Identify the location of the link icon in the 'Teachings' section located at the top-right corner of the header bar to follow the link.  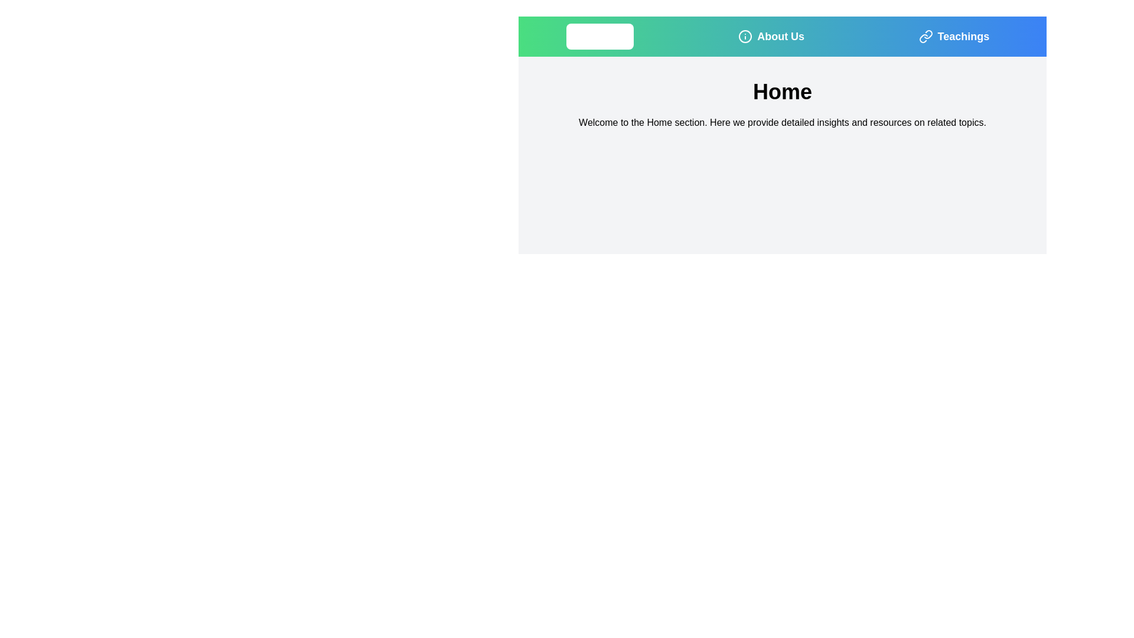
(925, 35).